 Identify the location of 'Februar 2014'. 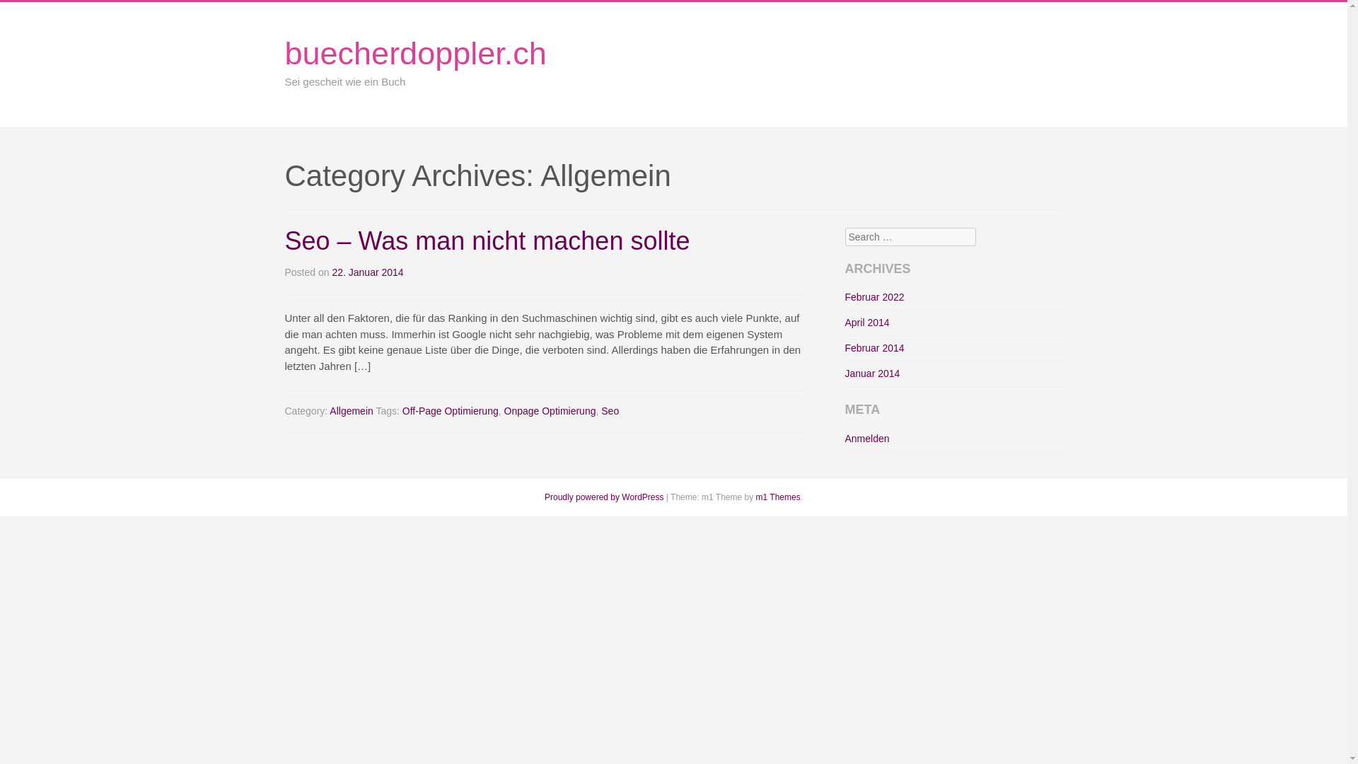
(874, 348).